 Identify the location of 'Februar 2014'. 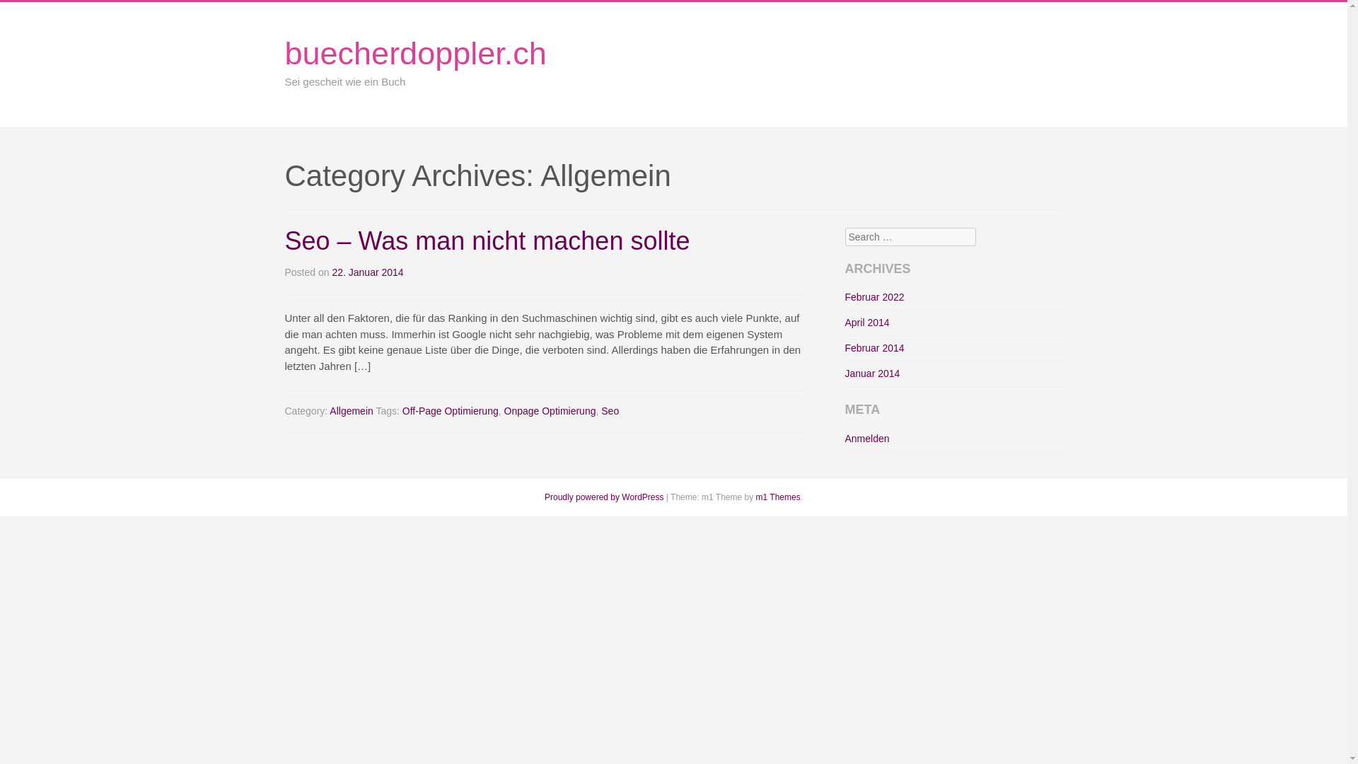
(874, 348).